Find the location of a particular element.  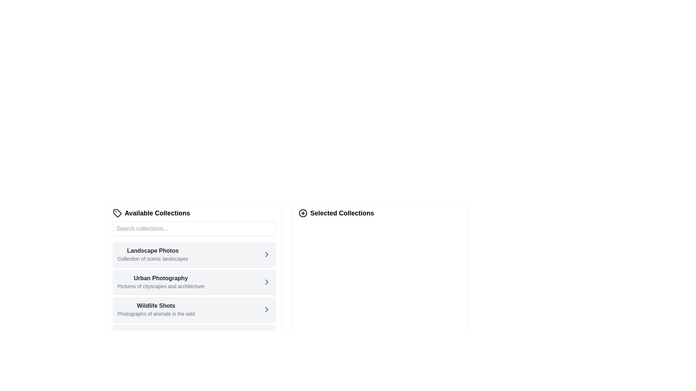

the text label displaying 'Photographs of animals in the wild', which is styled in gray and positioned below the 'Wildlife Shots' heading is located at coordinates (156, 314).